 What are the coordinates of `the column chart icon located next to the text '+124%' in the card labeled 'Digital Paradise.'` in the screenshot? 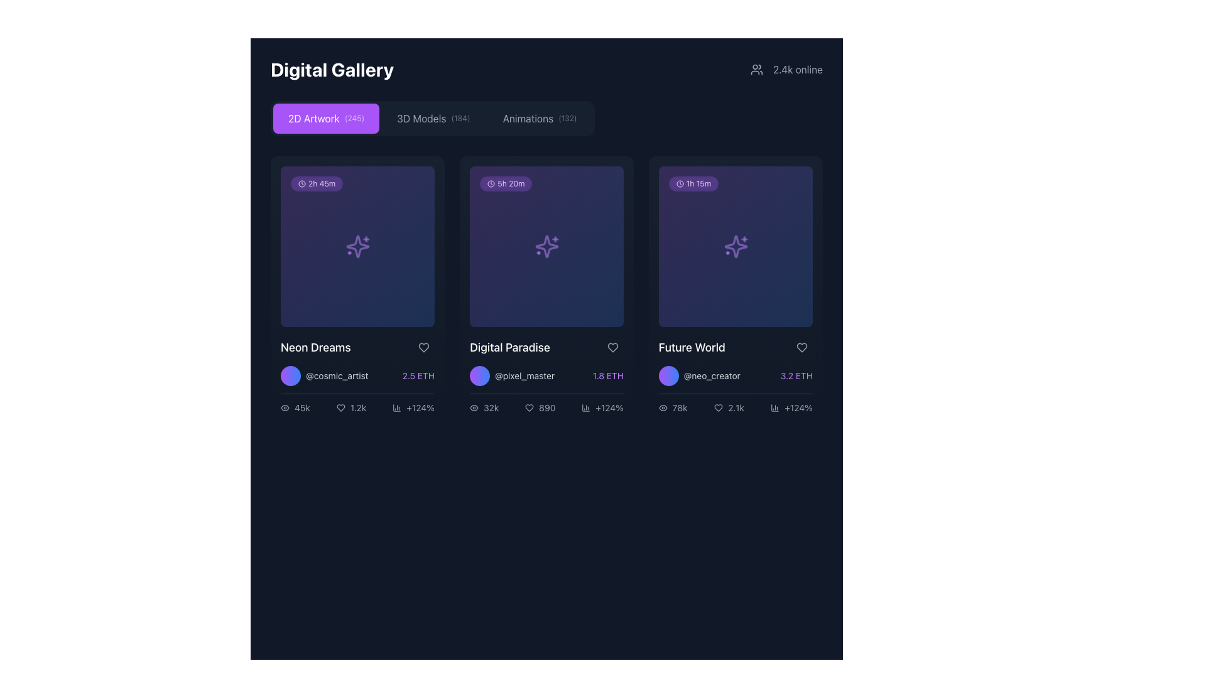 It's located at (585, 408).